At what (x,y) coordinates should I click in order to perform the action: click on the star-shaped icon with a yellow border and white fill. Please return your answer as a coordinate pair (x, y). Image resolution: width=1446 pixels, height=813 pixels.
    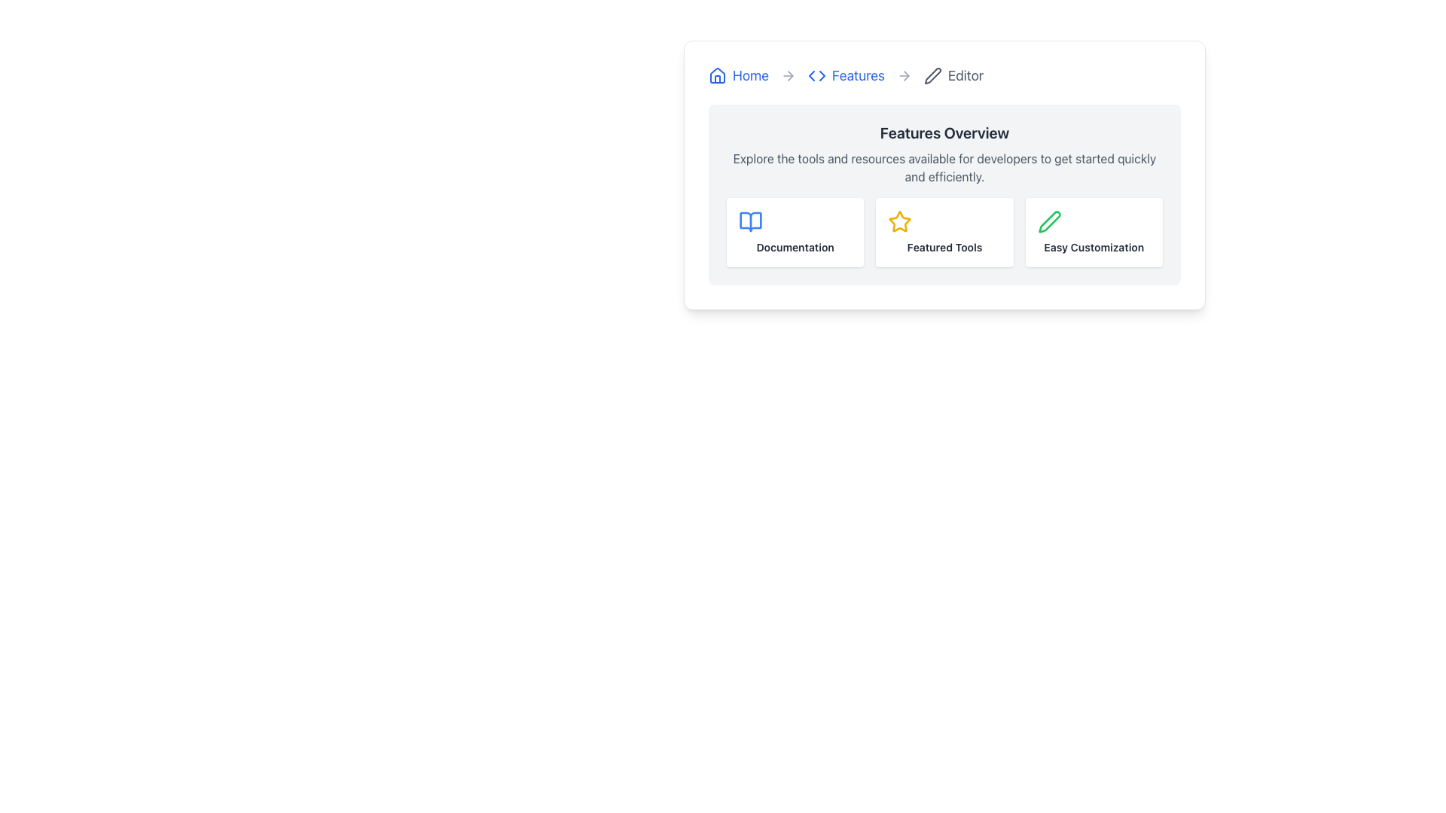
    Looking at the image, I should click on (900, 221).